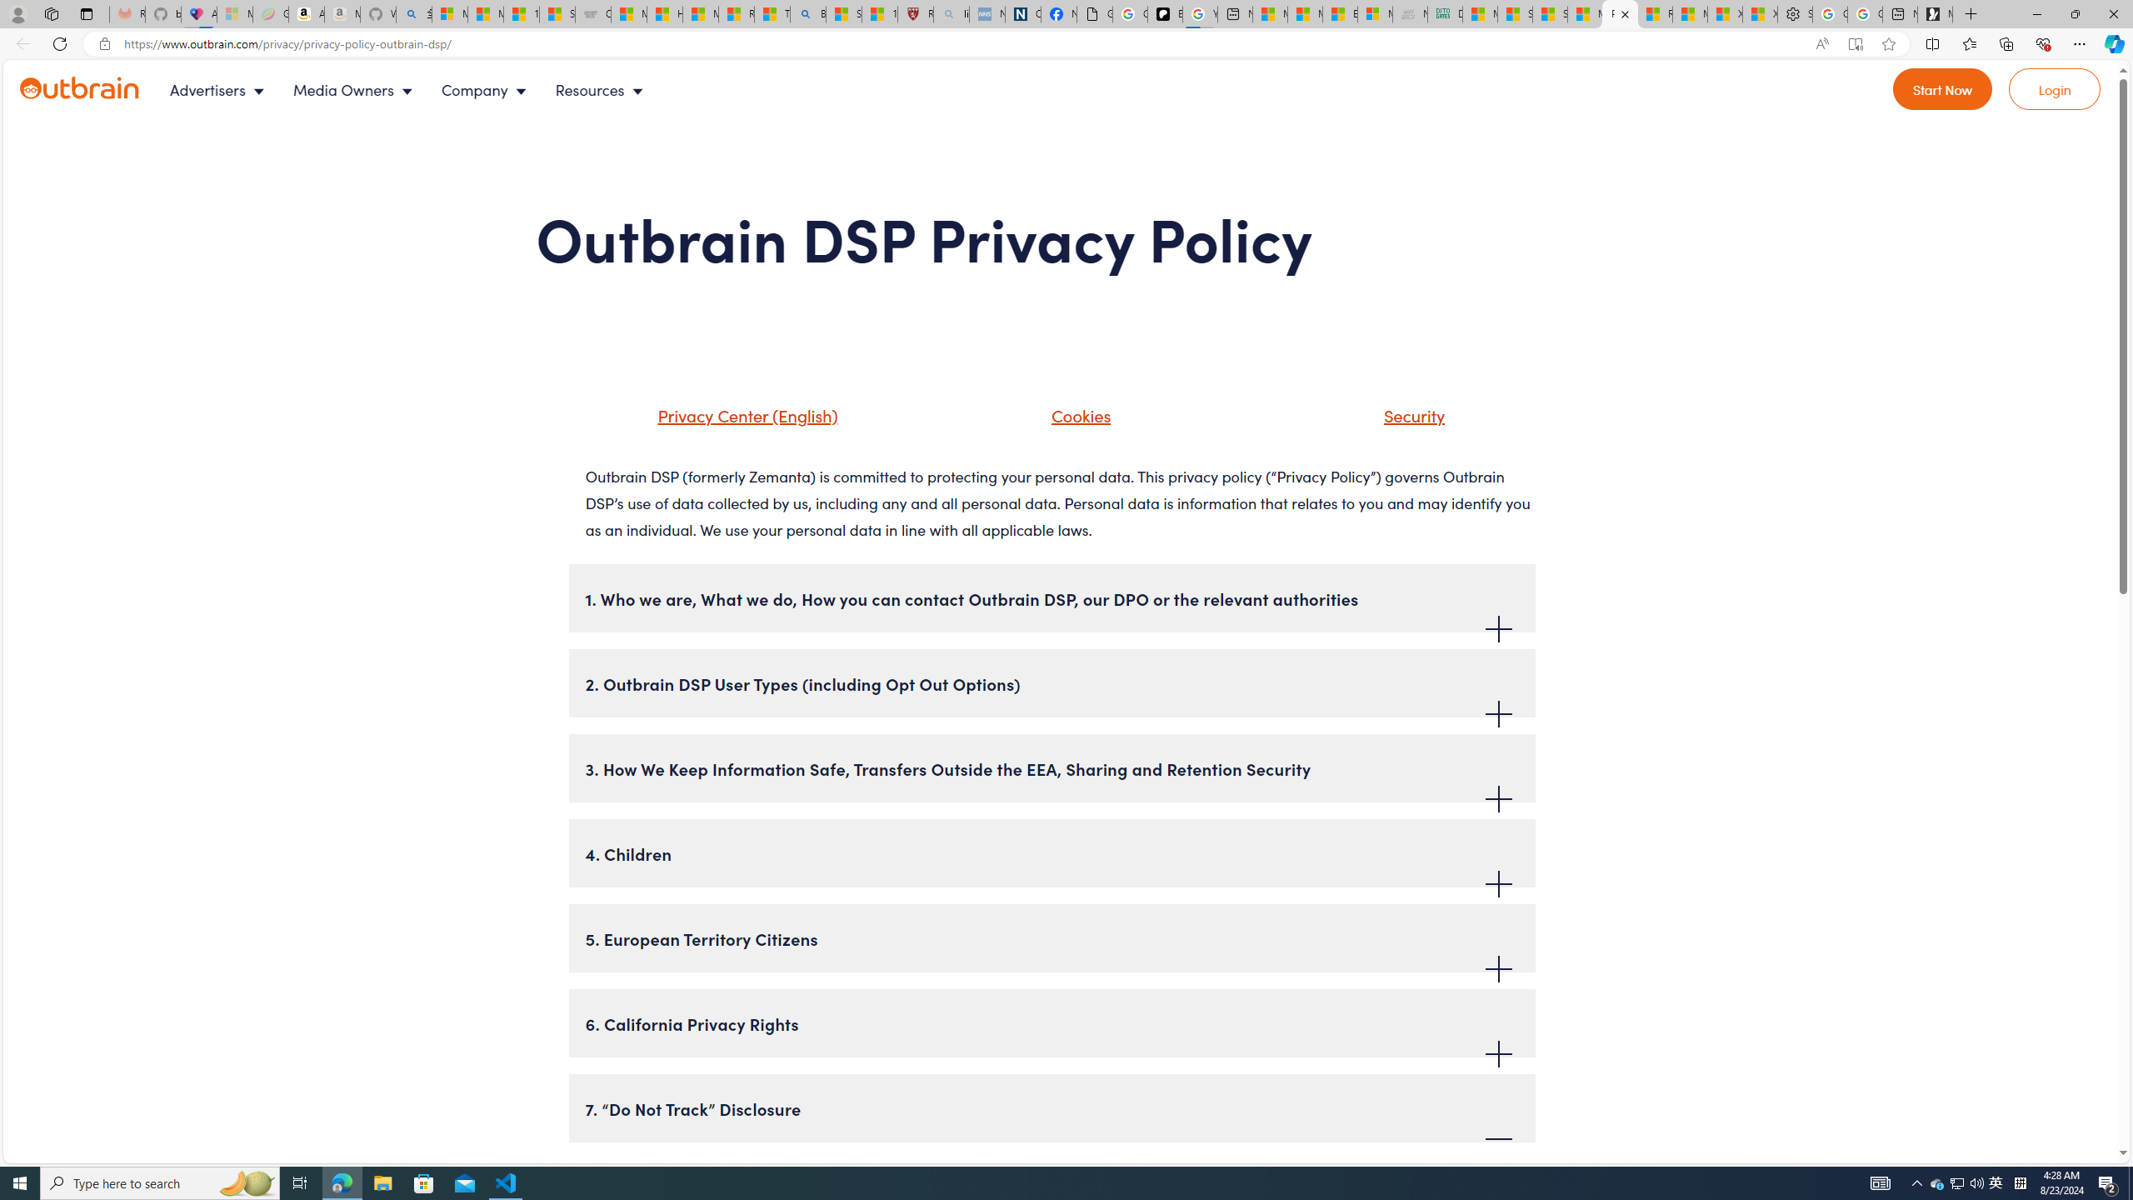  What do you see at coordinates (51, 67) in the screenshot?
I see `'Skip navigation to go to main content'` at bounding box center [51, 67].